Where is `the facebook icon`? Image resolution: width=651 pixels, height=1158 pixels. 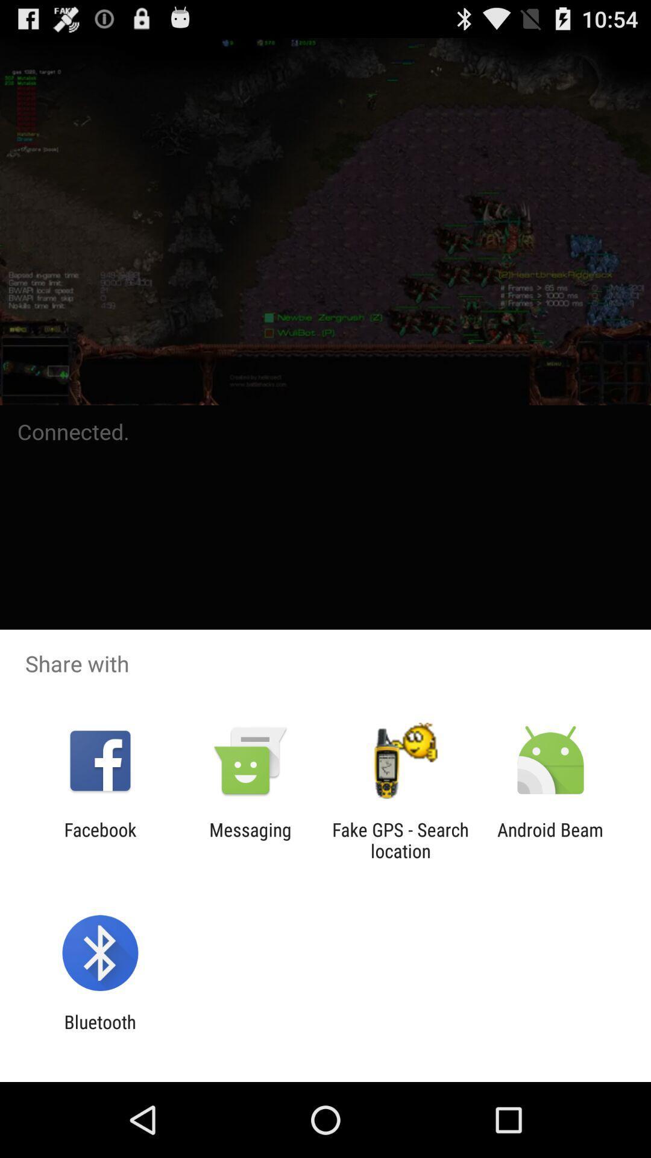
the facebook icon is located at coordinates (99, 840).